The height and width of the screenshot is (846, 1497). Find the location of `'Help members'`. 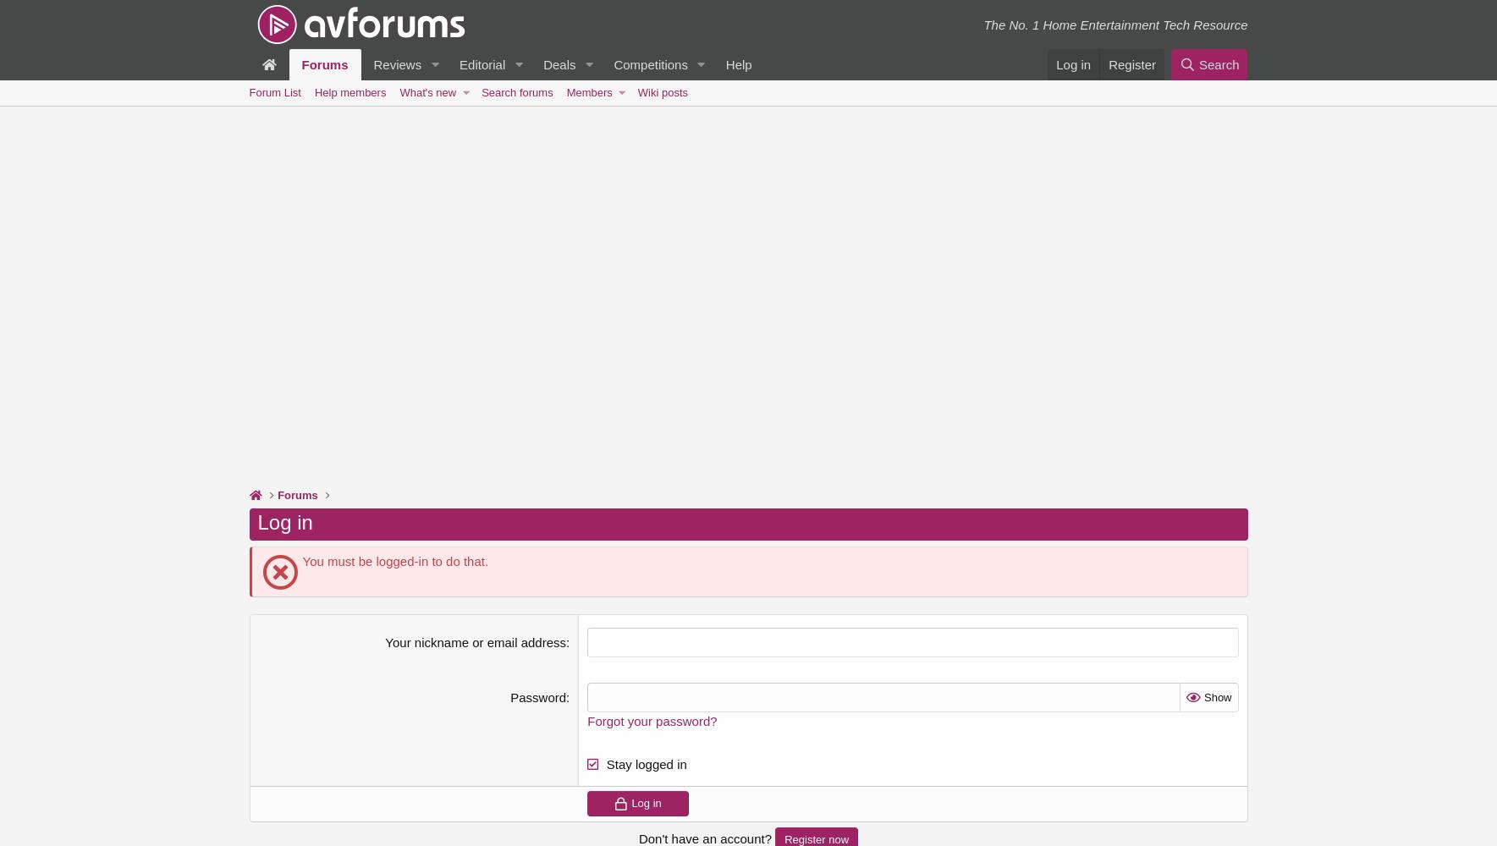

'Help members' is located at coordinates (349, 91).